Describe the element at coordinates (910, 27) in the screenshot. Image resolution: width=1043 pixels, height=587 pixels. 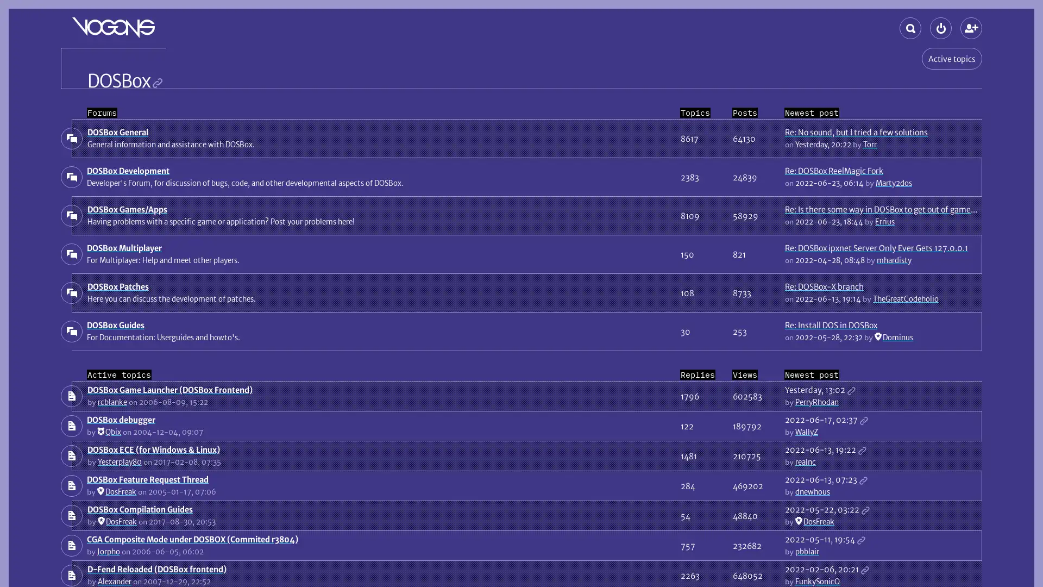
I see `Search` at that location.